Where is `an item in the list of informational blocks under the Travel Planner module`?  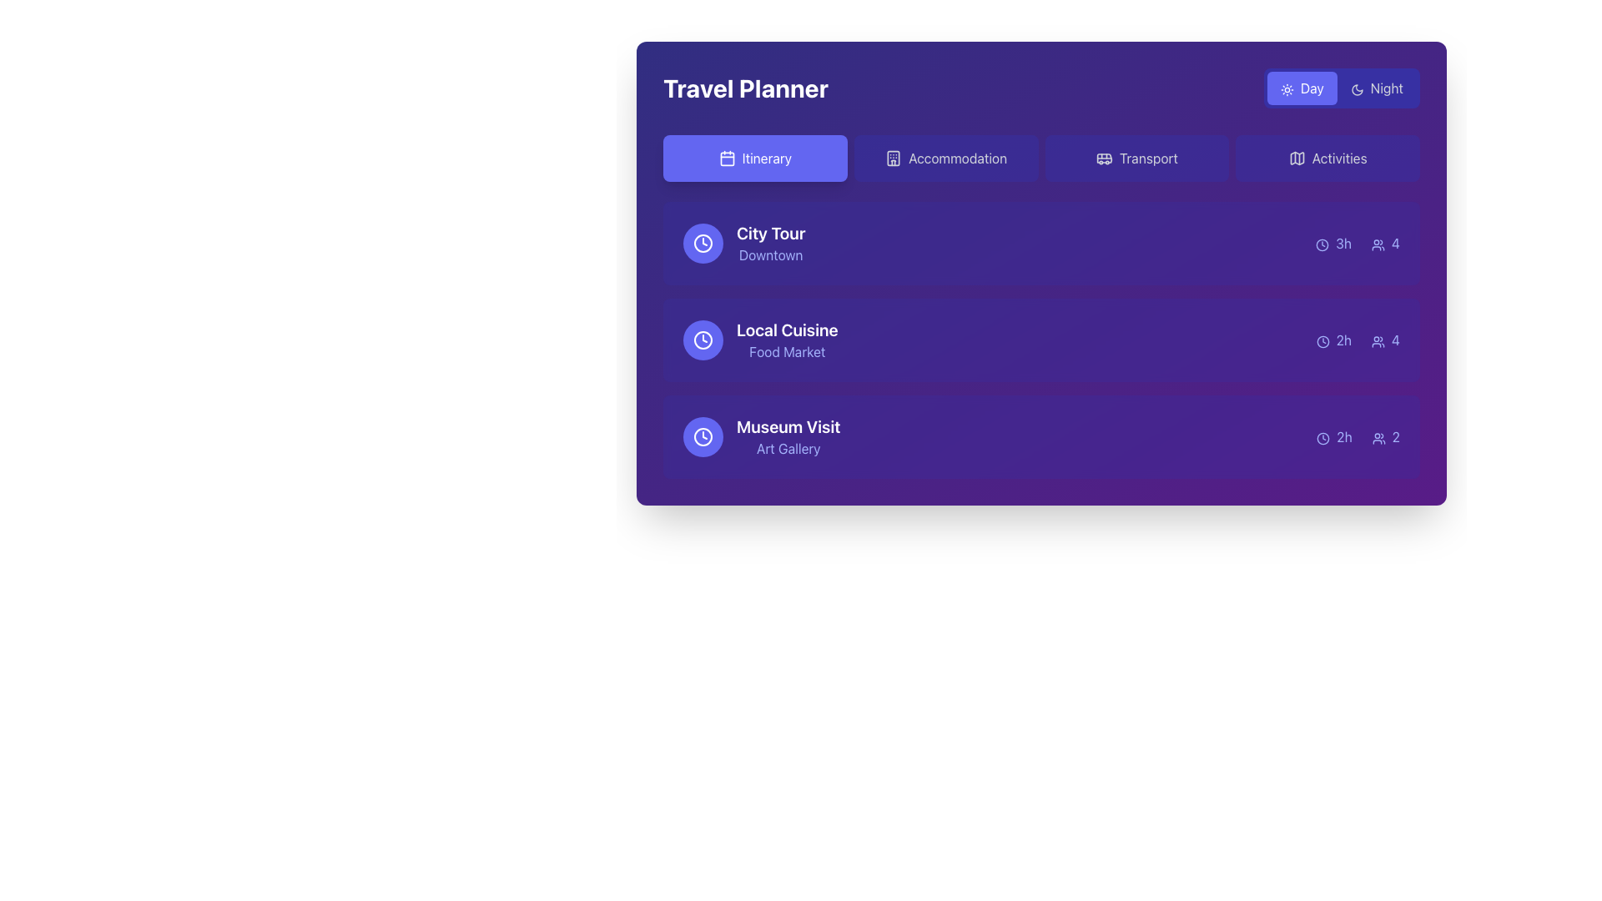 an item in the list of informational blocks under the Travel Planner module is located at coordinates (1040, 340).